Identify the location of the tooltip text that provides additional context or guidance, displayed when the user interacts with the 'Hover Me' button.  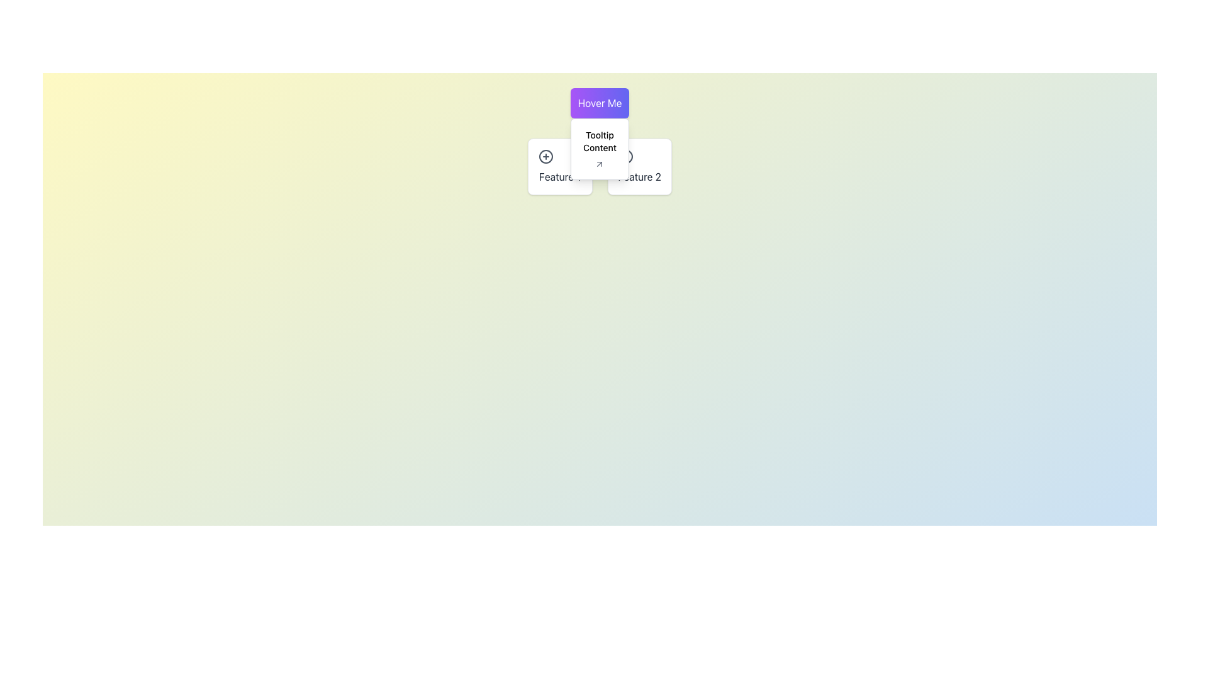
(599, 141).